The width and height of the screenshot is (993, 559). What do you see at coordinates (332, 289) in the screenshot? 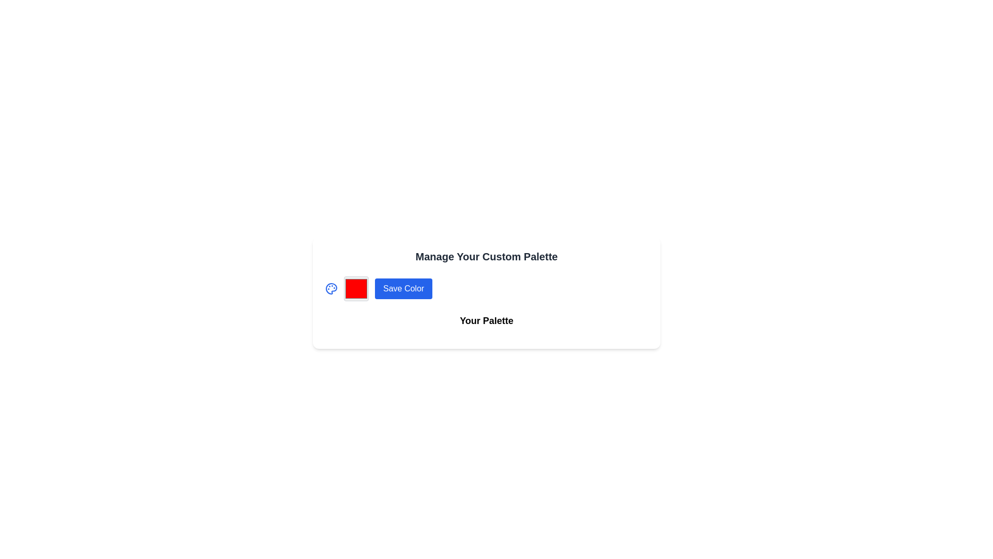
I see `the color palette icon located near the top-left corner of the control section, next to a red color square and above the 'Save Color' button, which visually represents color-related features` at bounding box center [332, 289].